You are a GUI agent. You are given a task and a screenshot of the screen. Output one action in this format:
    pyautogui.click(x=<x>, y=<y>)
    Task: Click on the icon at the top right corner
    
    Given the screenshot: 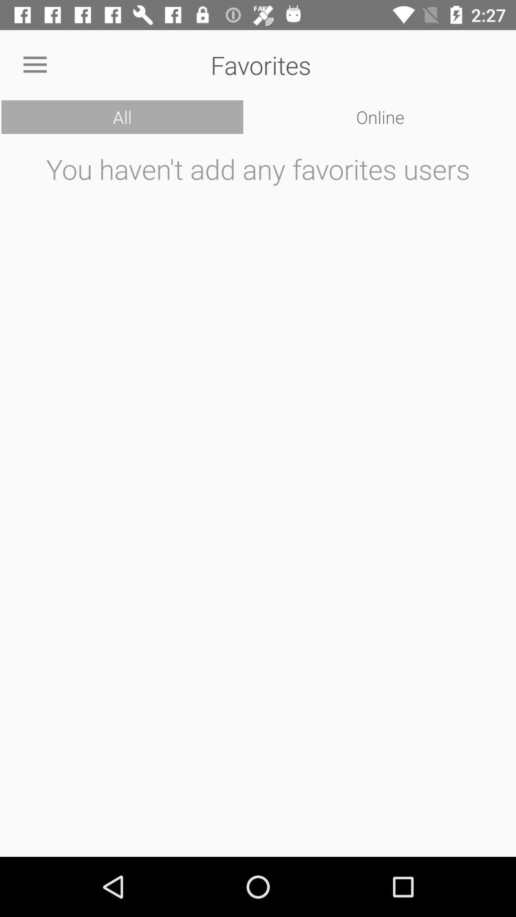 What is the action you would take?
    pyautogui.click(x=380, y=117)
    